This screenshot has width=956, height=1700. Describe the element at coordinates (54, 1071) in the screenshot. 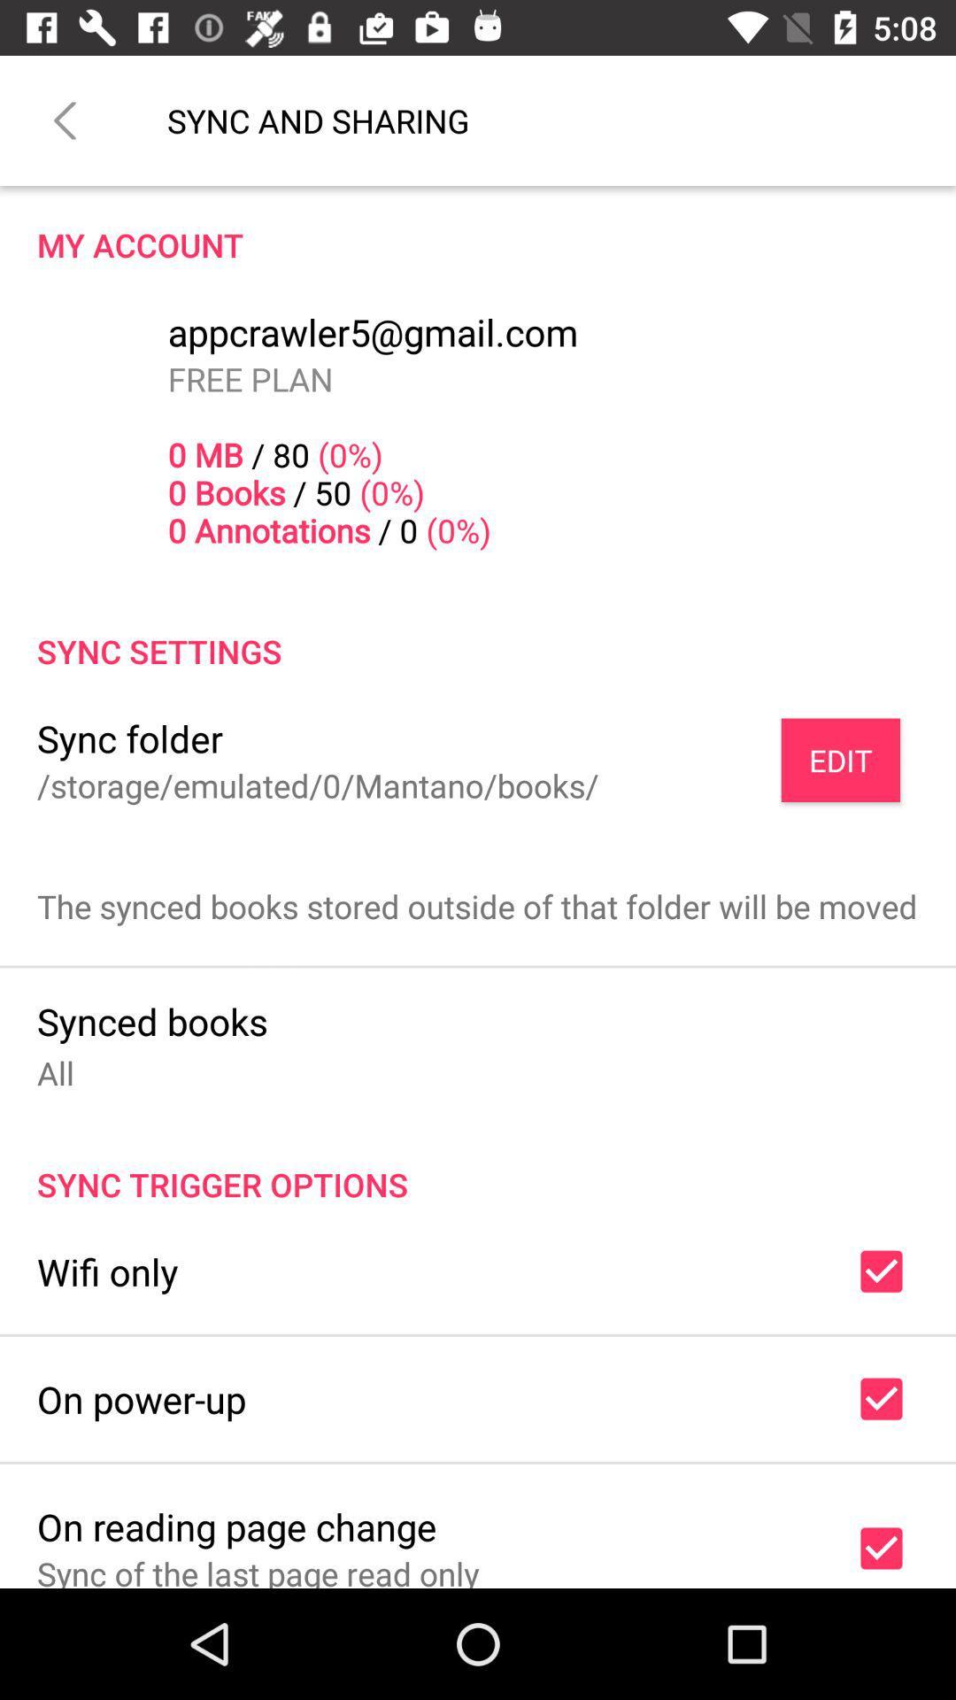

I see `item above sync trigger options icon` at that location.